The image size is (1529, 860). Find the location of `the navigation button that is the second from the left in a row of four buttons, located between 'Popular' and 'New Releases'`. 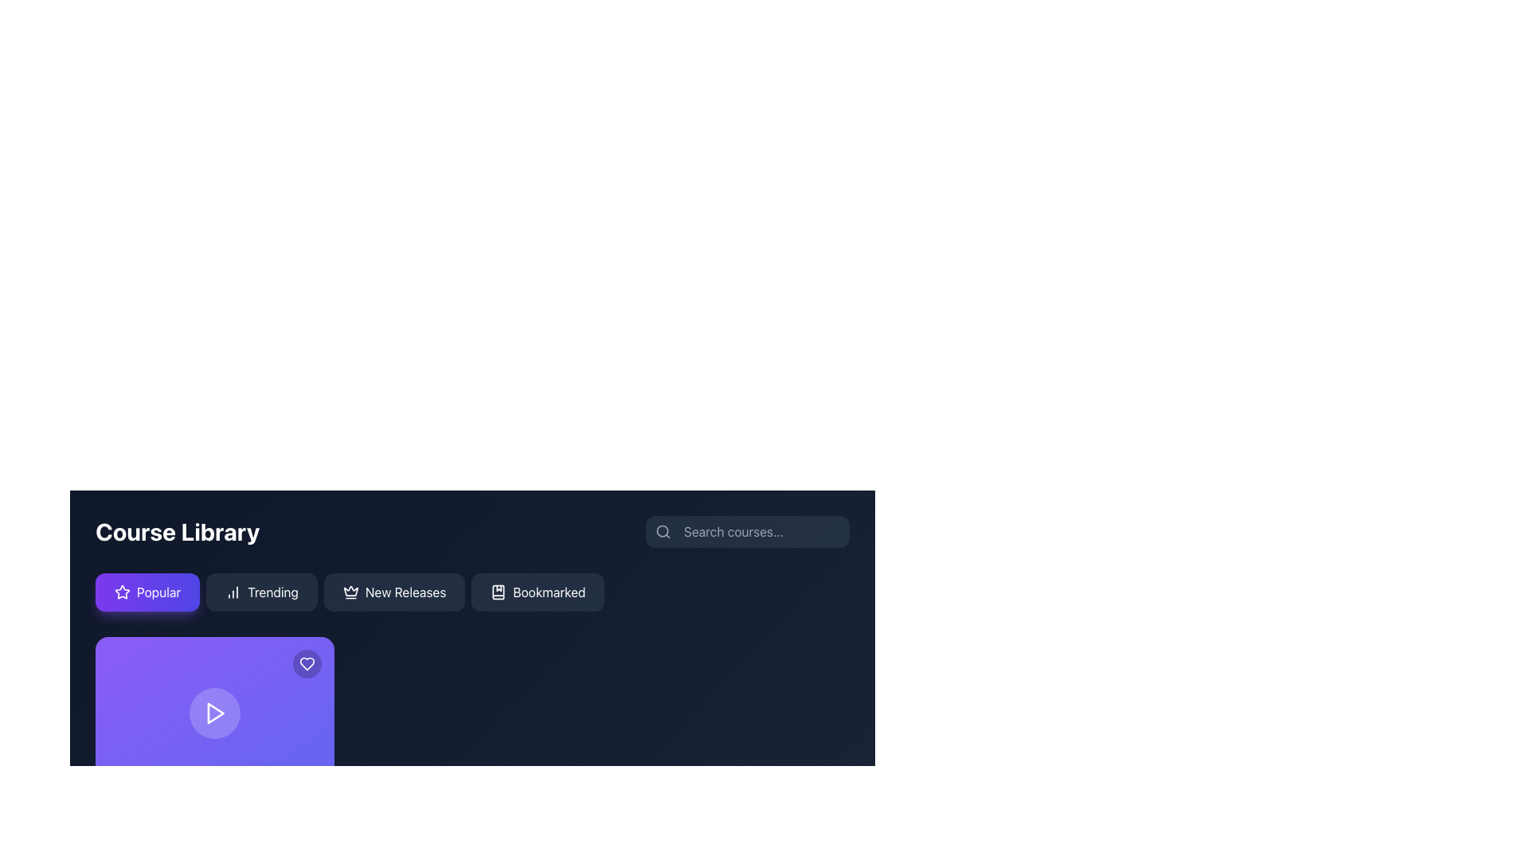

the navigation button that is the second from the left in a row of four buttons, located between 'Popular' and 'New Releases' is located at coordinates (262, 592).